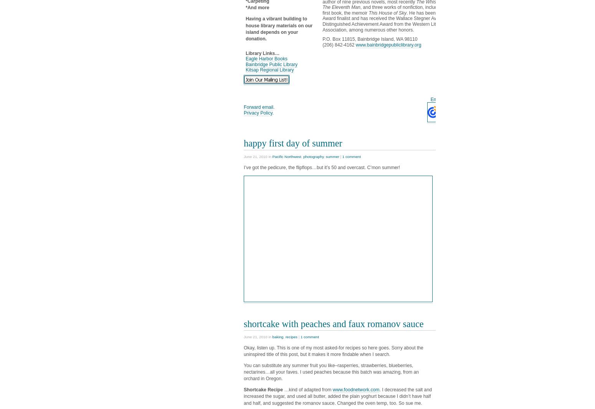  Describe the element at coordinates (388, 44) in the screenshot. I see `'www.bainbridgepubliclibrary.org'` at that location.